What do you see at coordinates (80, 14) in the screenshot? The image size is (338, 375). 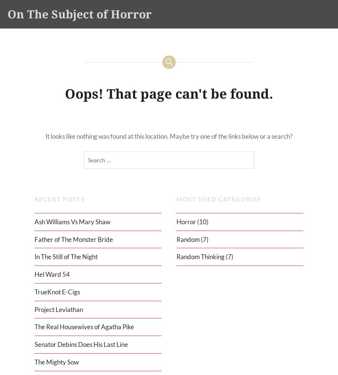 I see `'On The Subject of Horror'` at bounding box center [80, 14].